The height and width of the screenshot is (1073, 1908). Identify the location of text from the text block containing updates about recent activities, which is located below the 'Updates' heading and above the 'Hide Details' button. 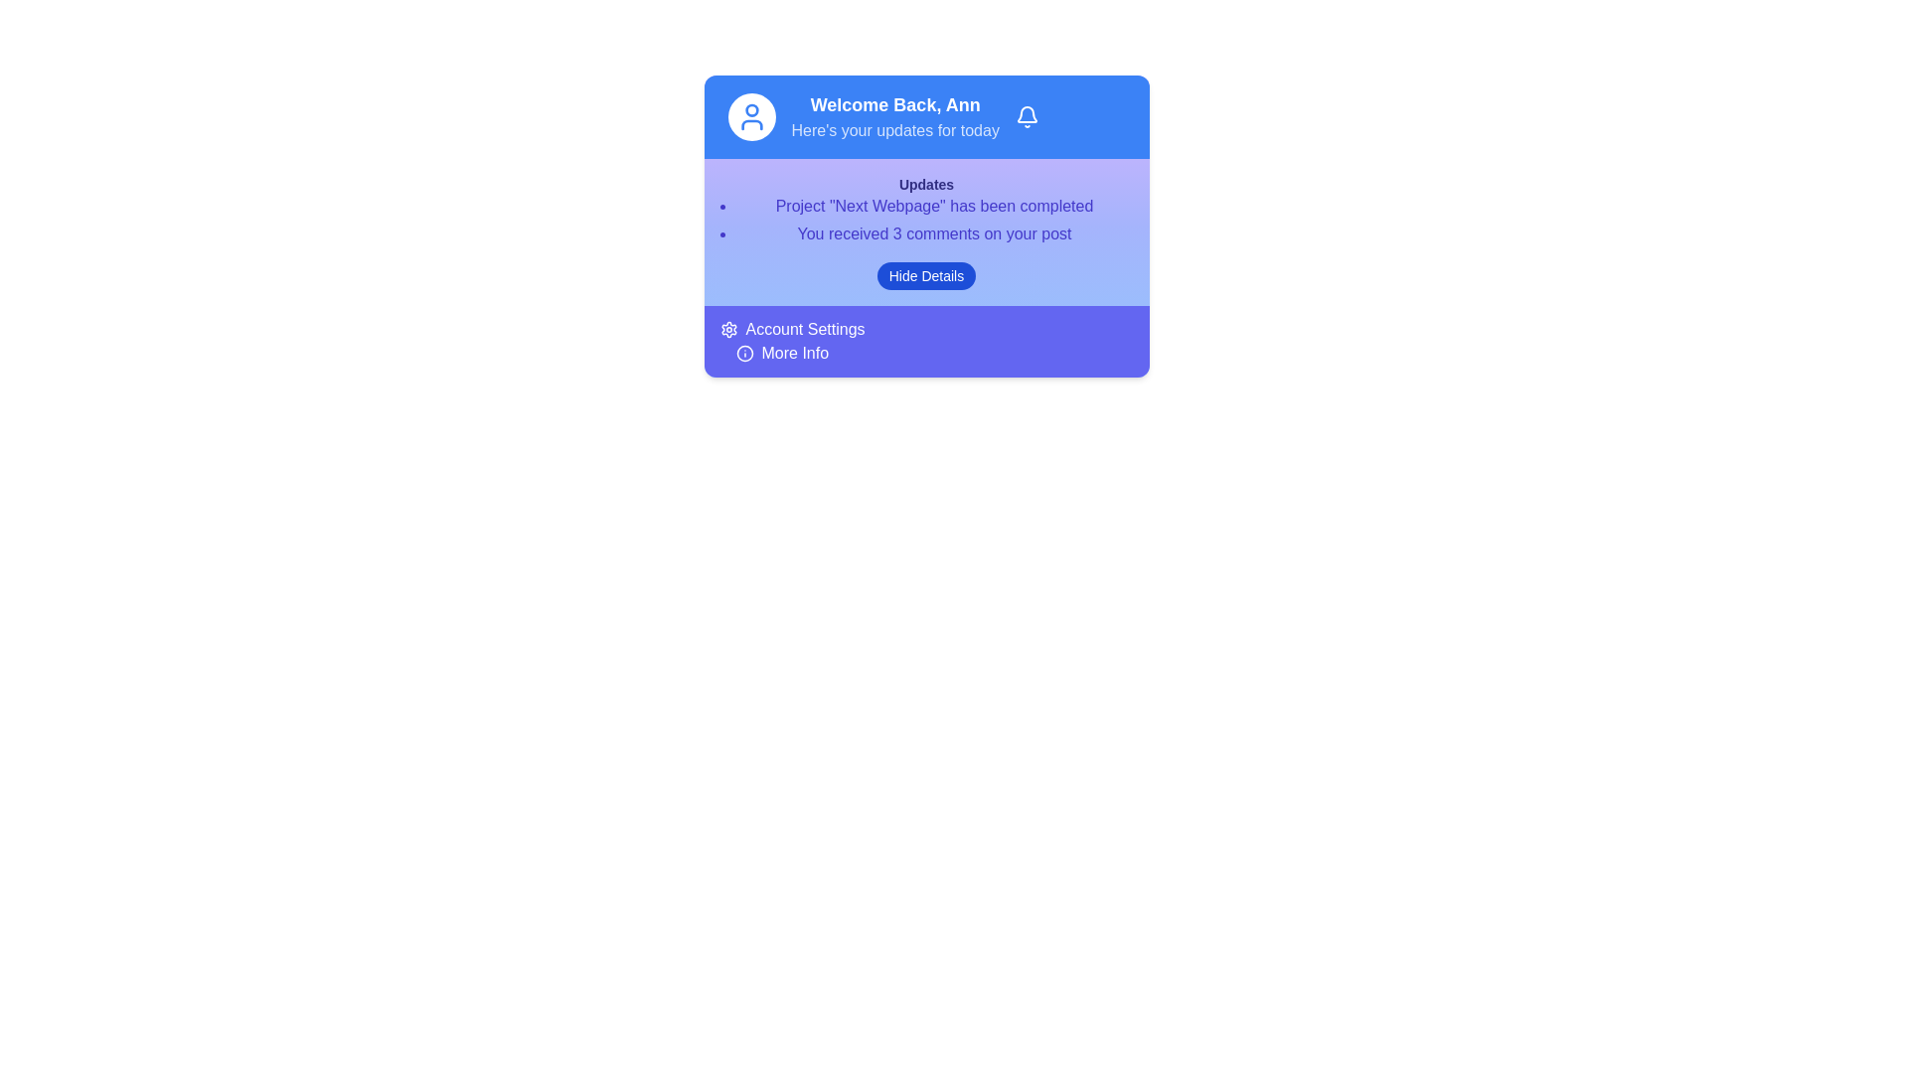
(925, 211).